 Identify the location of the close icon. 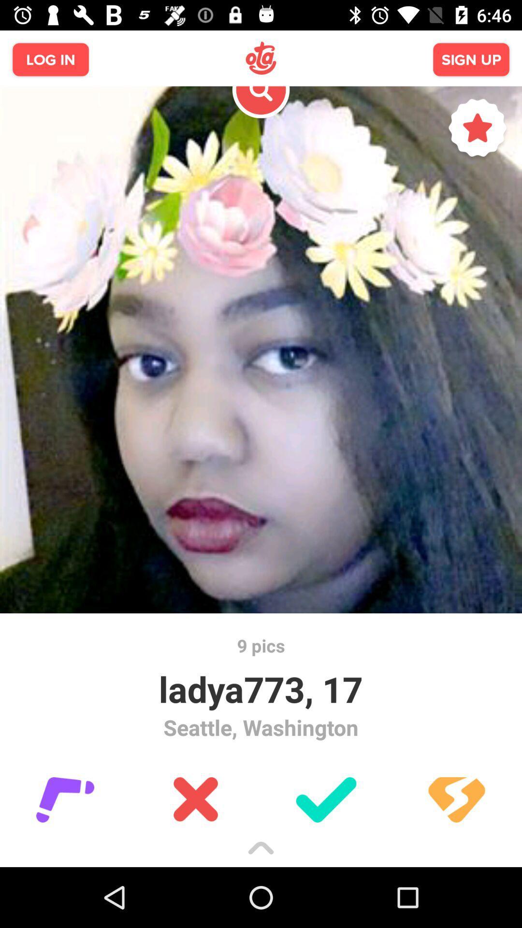
(196, 799).